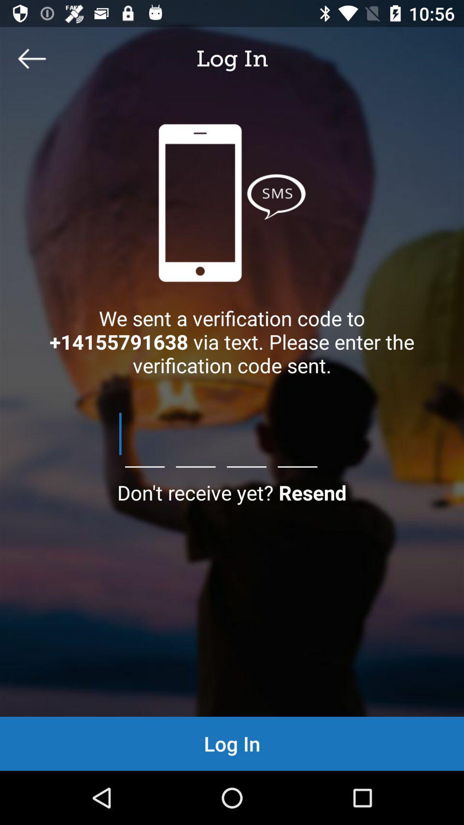 The width and height of the screenshot is (464, 825). Describe the element at coordinates (31, 58) in the screenshot. I see `go back` at that location.